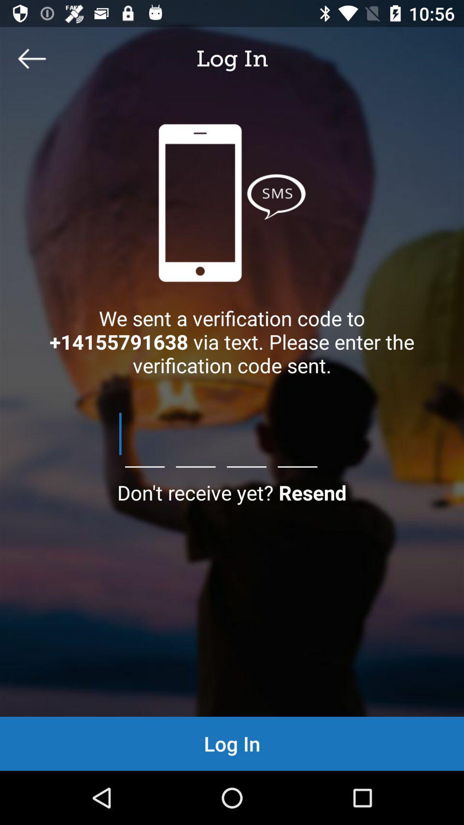 The width and height of the screenshot is (464, 825). Describe the element at coordinates (31, 58) in the screenshot. I see `go back` at that location.